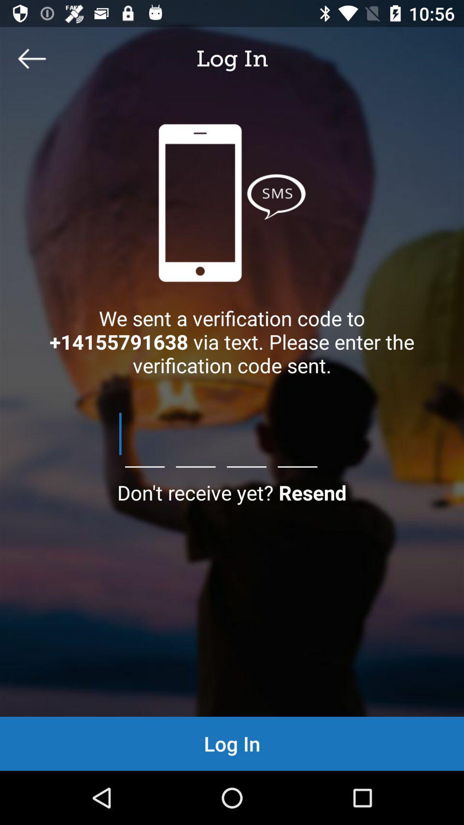 The width and height of the screenshot is (464, 825). Describe the element at coordinates (31, 58) in the screenshot. I see `go back` at that location.